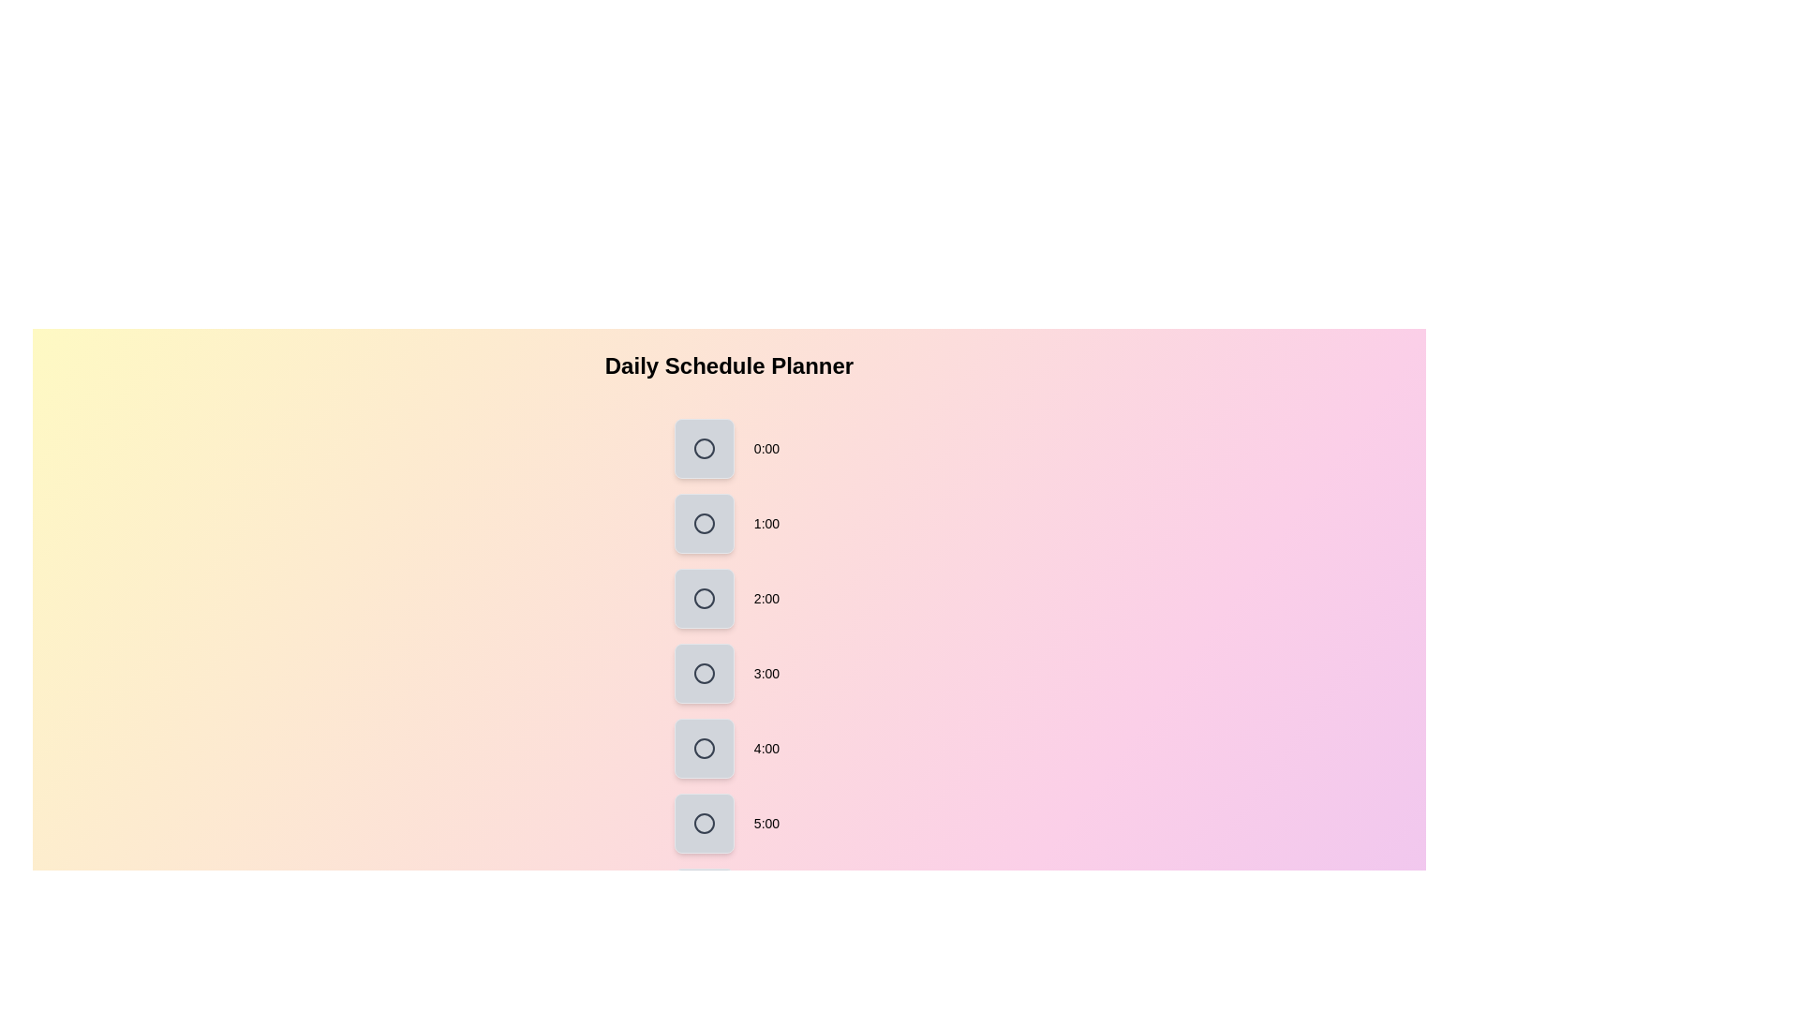 Image resolution: width=1799 pixels, height=1012 pixels. What do you see at coordinates (704, 599) in the screenshot?
I see `the hour block corresponding to 2:00` at bounding box center [704, 599].